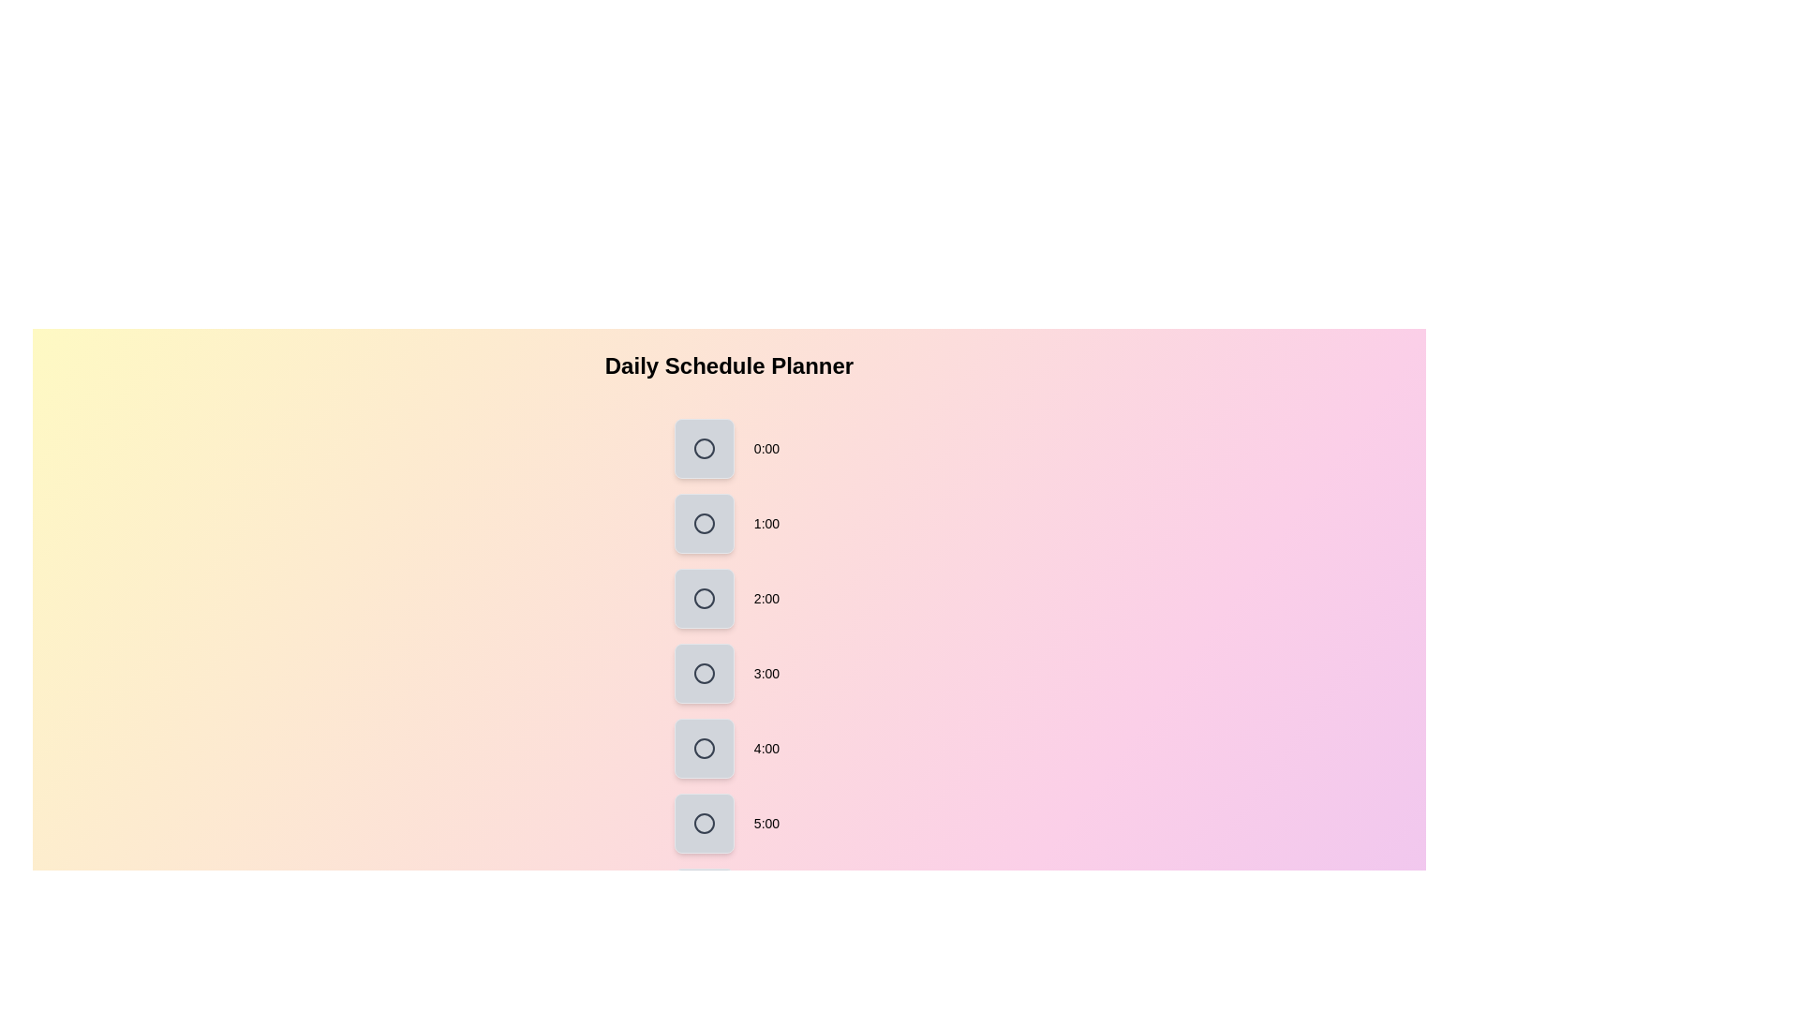 Image resolution: width=1799 pixels, height=1012 pixels. What do you see at coordinates (704, 599) in the screenshot?
I see `the hour block corresponding to 2:00` at bounding box center [704, 599].